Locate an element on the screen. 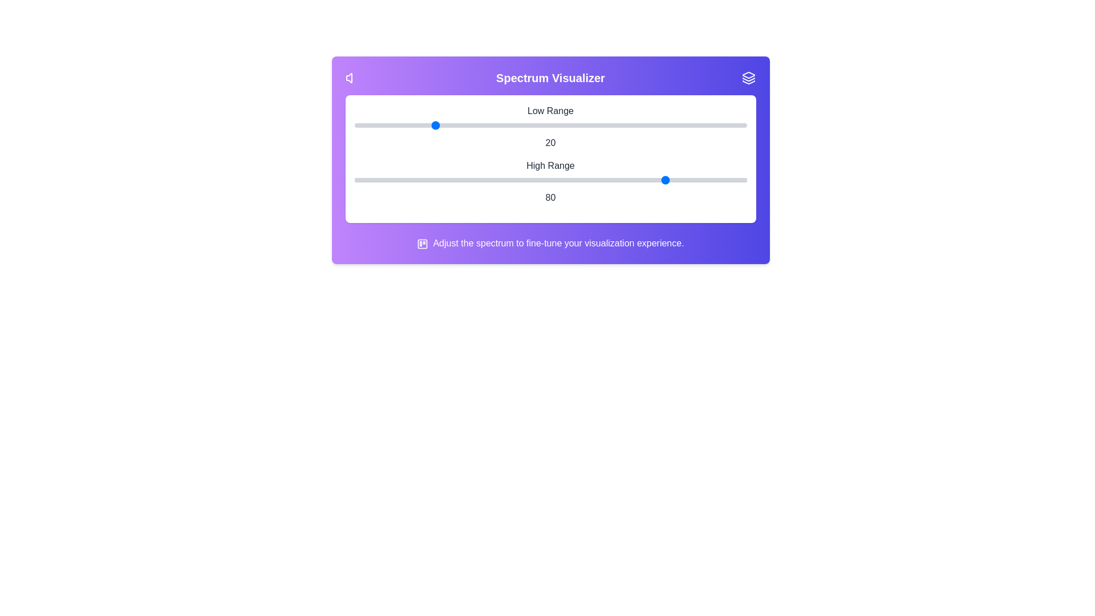 The image size is (1095, 616). the volume icon to toggle the volume is located at coordinates (351, 78).